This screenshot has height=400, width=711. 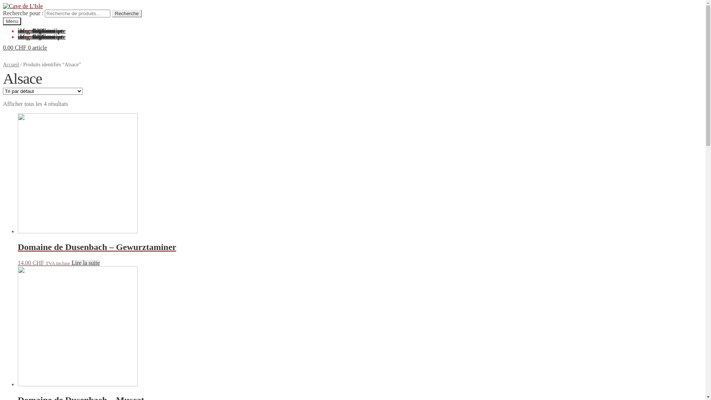 What do you see at coordinates (39, 30) in the screenshot?
I see `'CGV'` at bounding box center [39, 30].